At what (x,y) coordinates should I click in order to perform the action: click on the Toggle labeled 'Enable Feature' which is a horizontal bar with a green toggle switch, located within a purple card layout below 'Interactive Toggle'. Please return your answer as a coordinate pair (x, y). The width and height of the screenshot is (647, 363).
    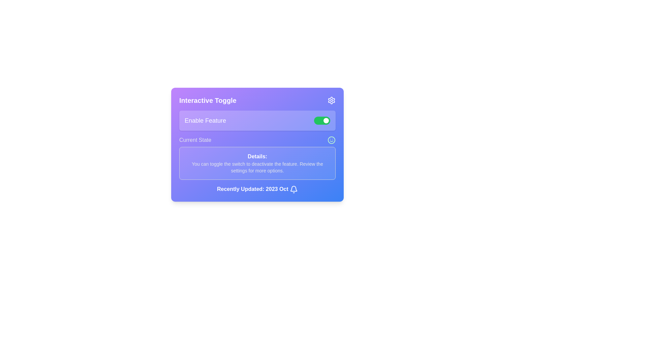
    Looking at the image, I should click on (257, 120).